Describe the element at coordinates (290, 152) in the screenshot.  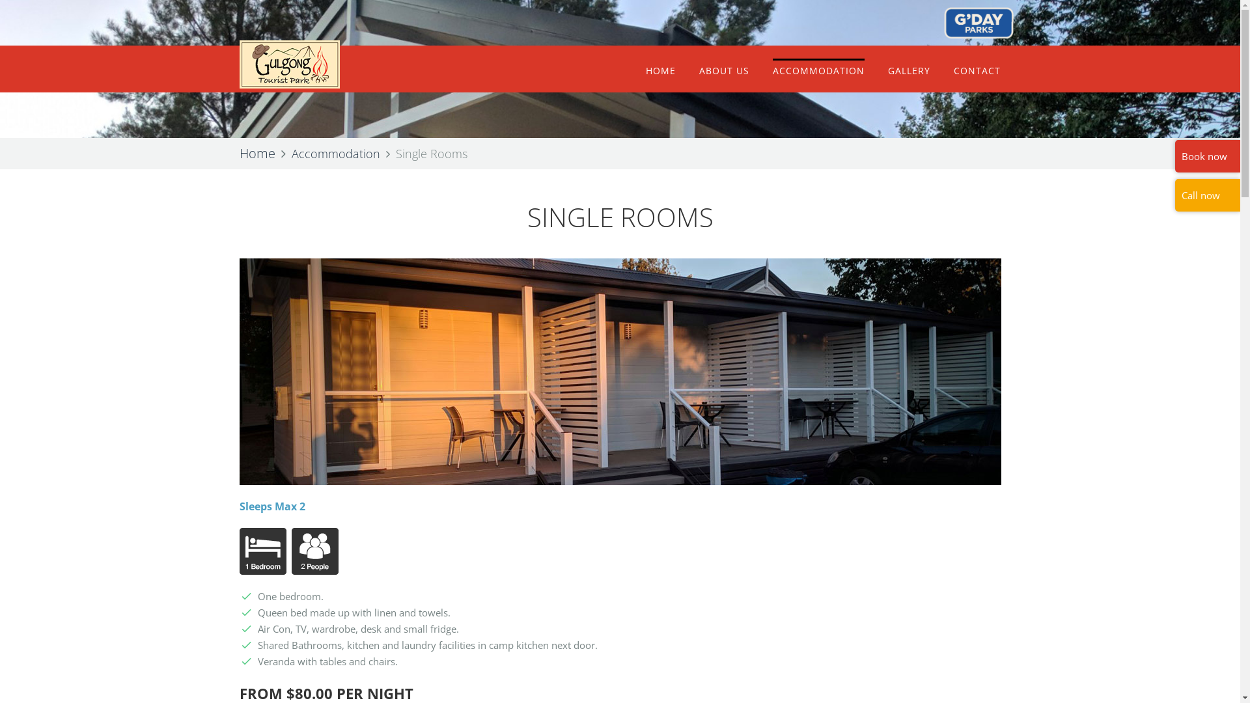
I see `'Accommodation'` at that location.